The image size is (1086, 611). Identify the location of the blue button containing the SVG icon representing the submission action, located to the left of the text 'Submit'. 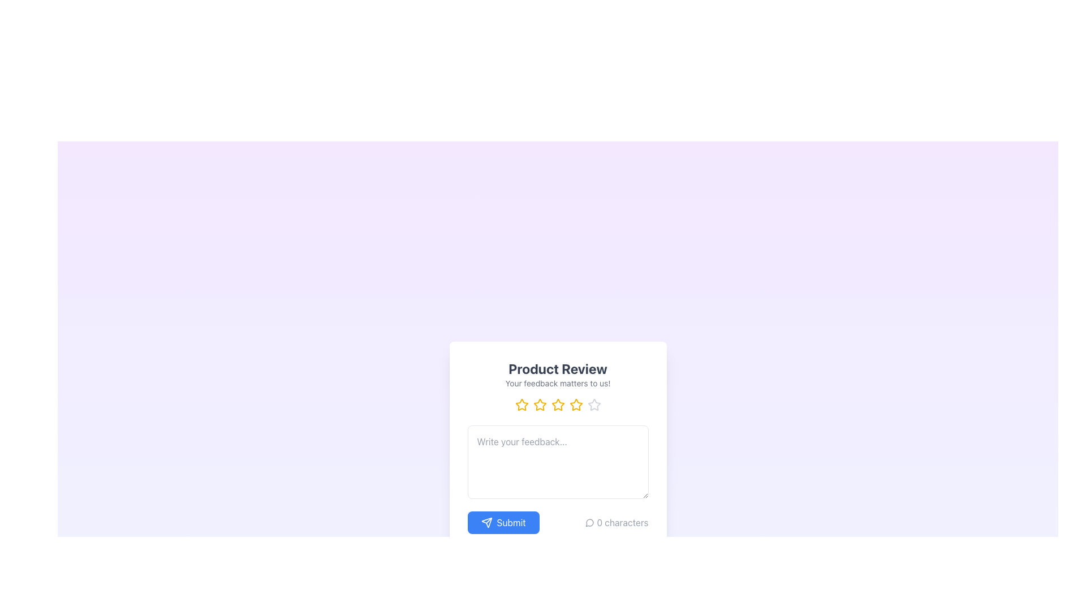
(486, 523).